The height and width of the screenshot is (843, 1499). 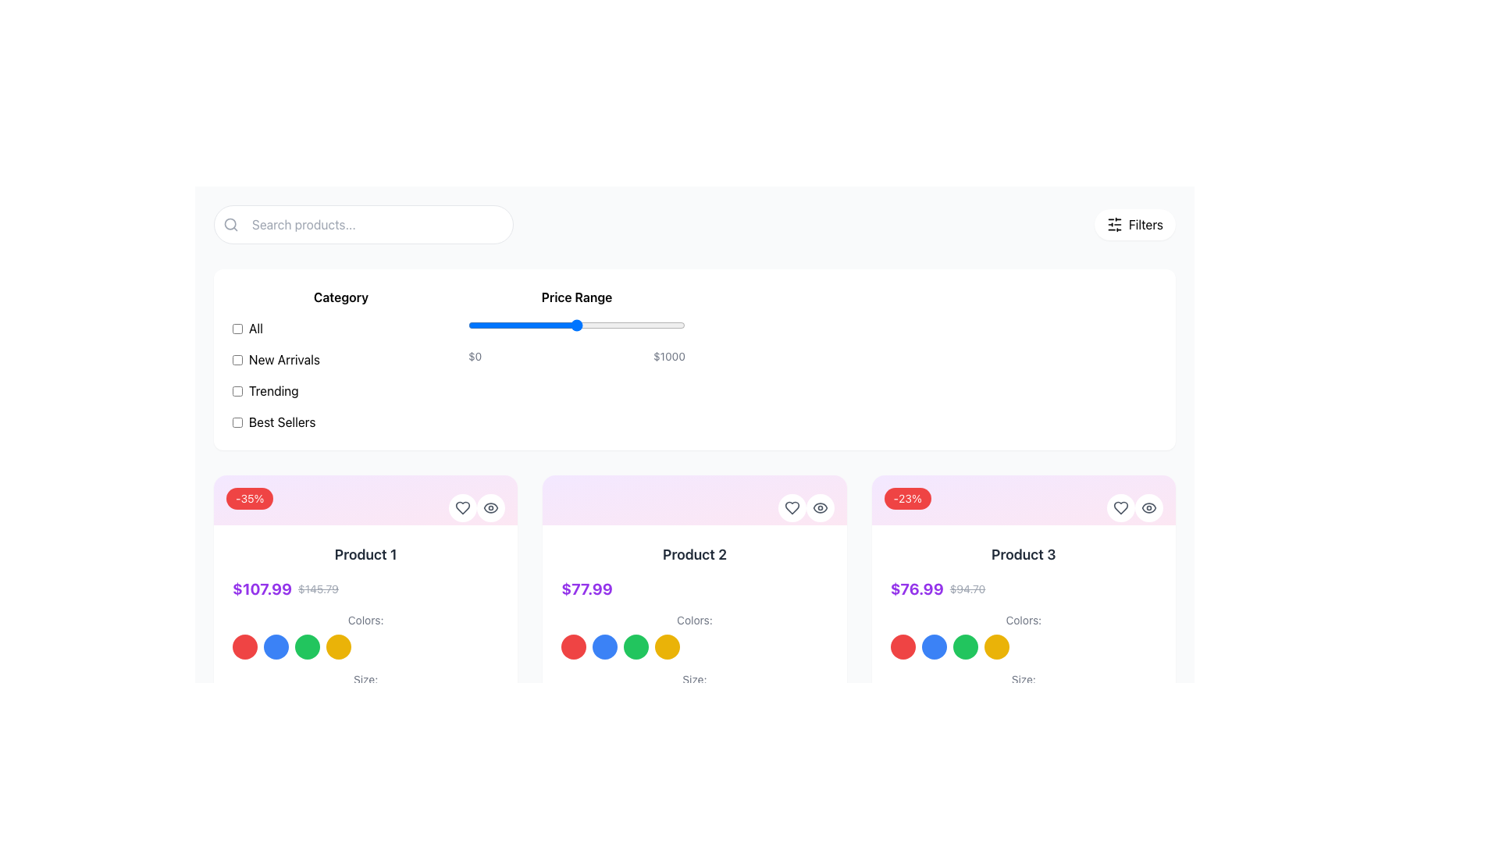 What do you see at coordinates (337, 647) in the screenshot?
I see `the fourth circular button representing the yellow color option for 'Product 1' located at the bottom of the 'Product 1' card` at bounding box center [337, 647].